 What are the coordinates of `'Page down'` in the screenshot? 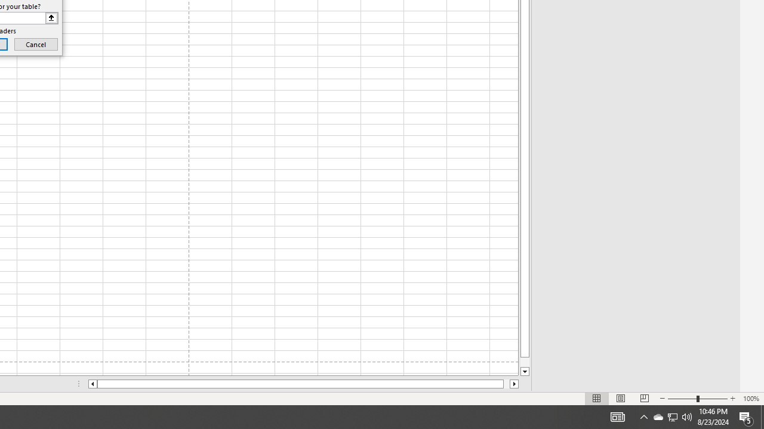 It's located at (525, 362).